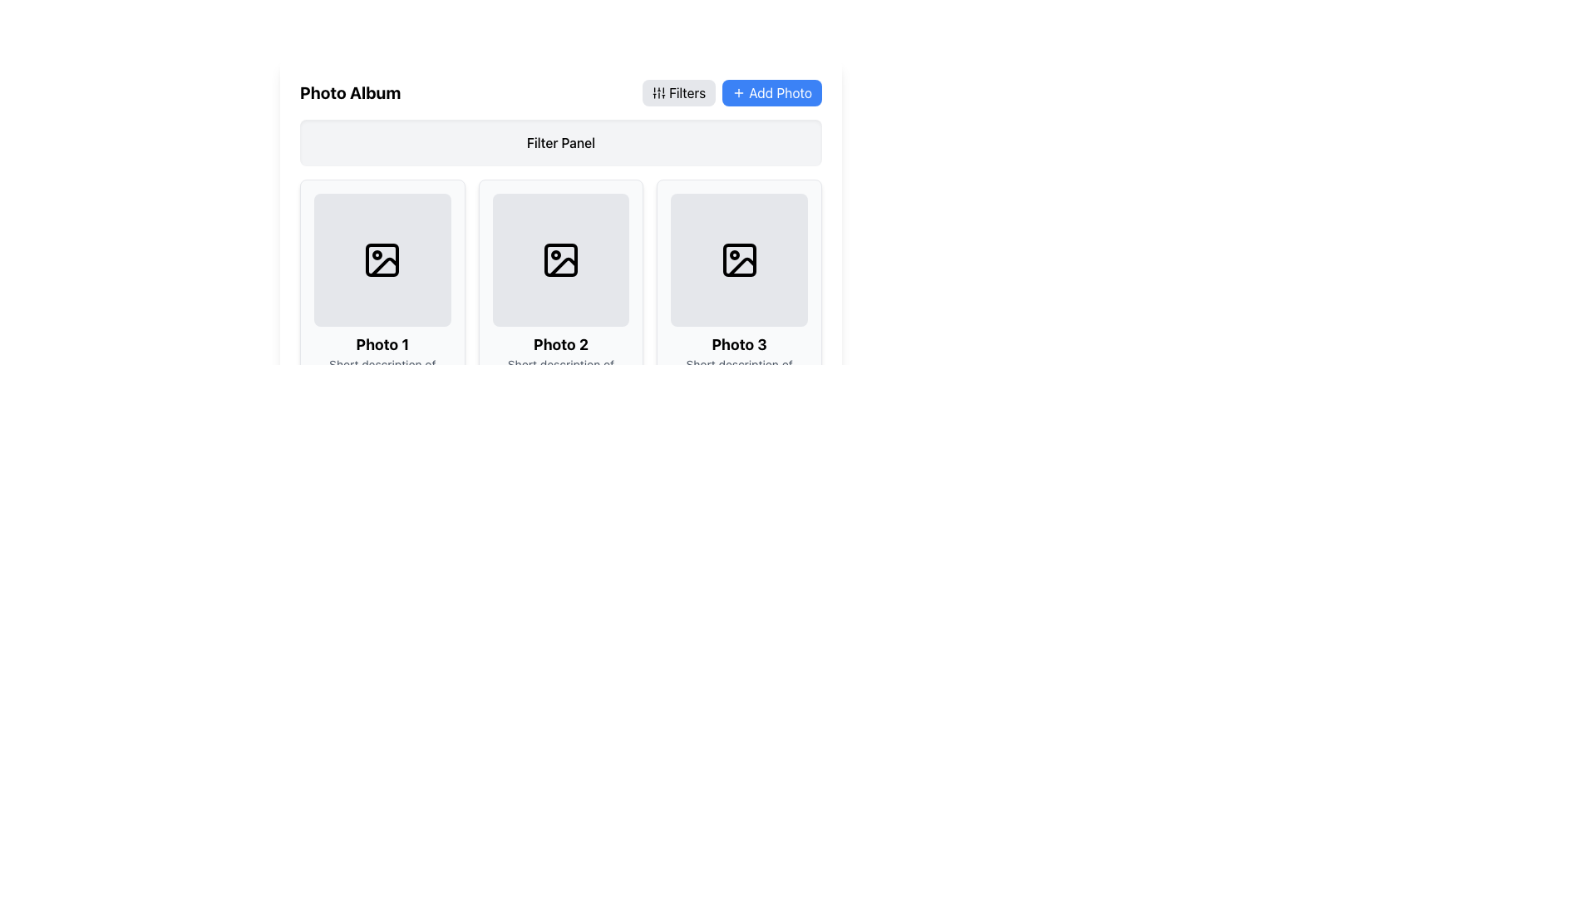 The image size is (1596, 898). I want to click on the 'Filters' text label located within a pill-shaped gray button next to a blue 'Add Photo' button, so click(687, 92).